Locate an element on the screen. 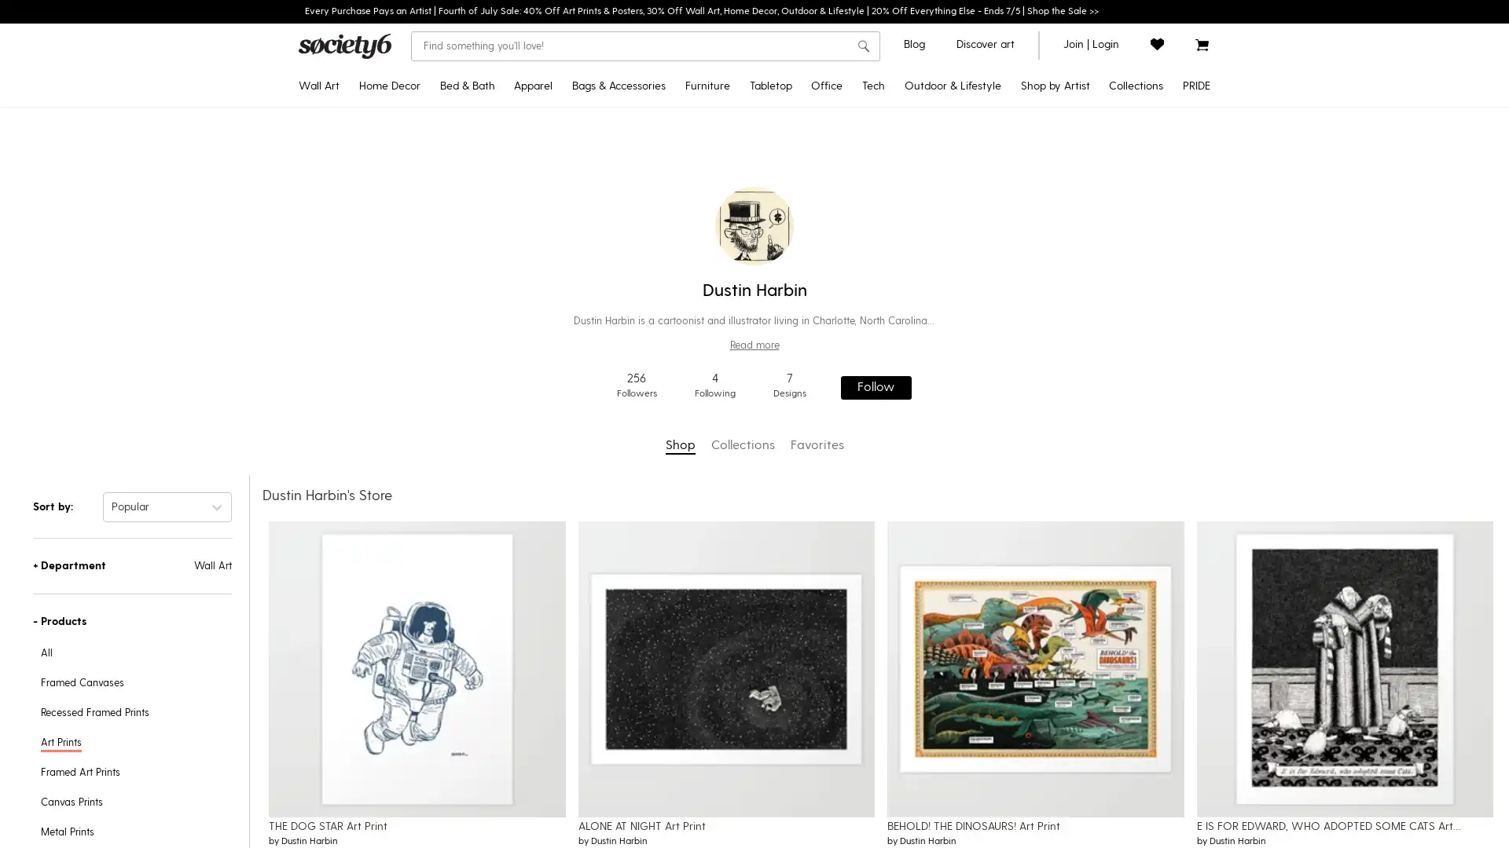  Home Decor is located at coordinates (388, 86).